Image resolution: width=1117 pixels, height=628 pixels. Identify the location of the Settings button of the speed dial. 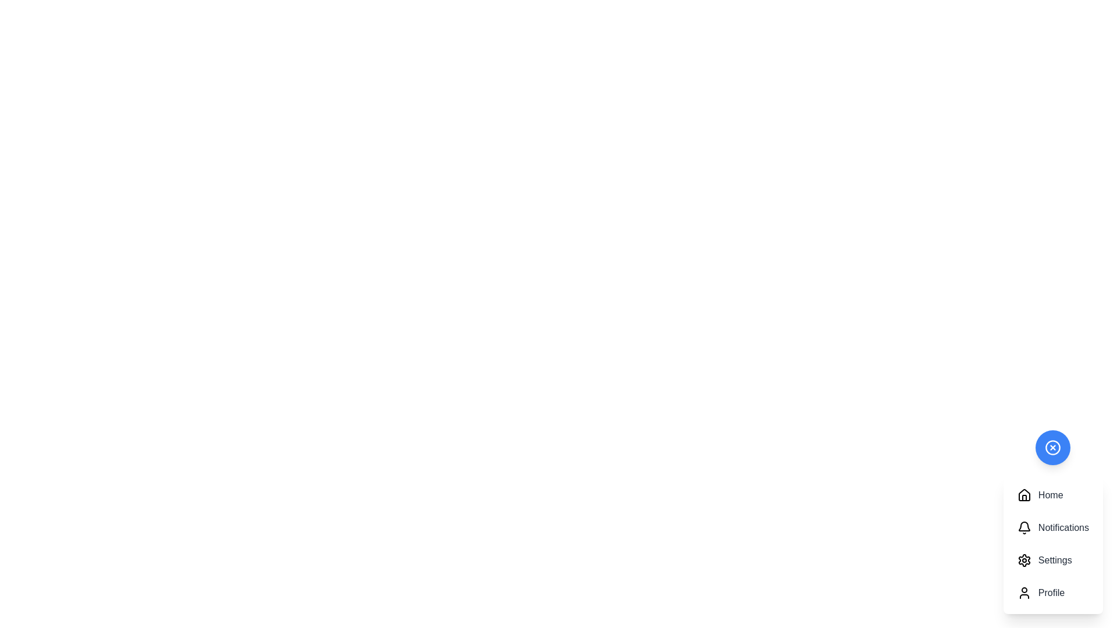
(1052, 560).